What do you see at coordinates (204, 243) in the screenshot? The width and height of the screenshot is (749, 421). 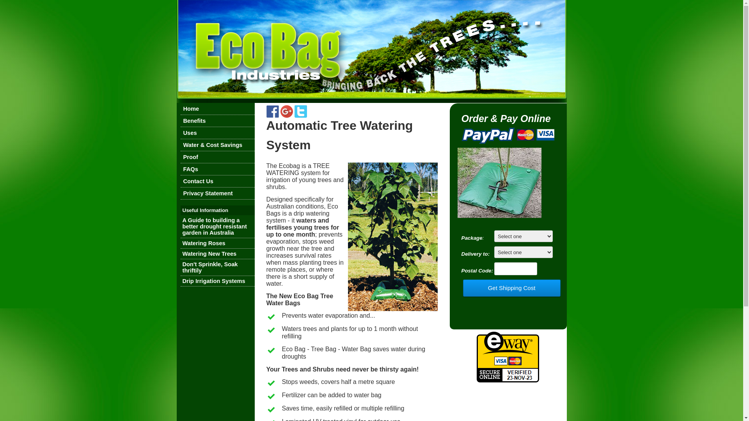 I see `'Watering Roses'` at bounding box center [204, 243].